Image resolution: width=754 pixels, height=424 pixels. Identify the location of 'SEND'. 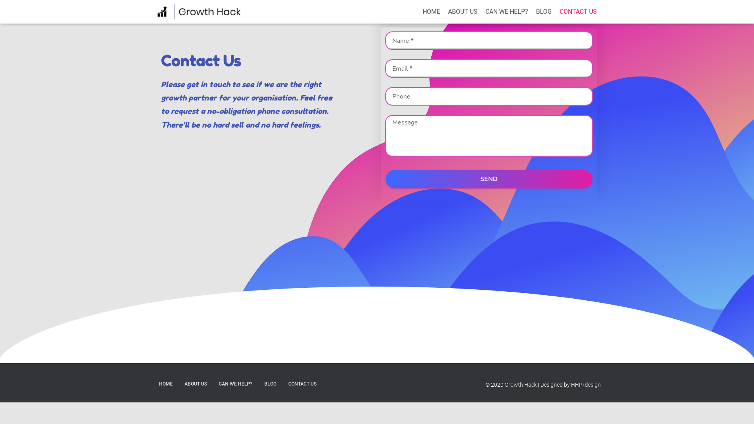
(489, 179).